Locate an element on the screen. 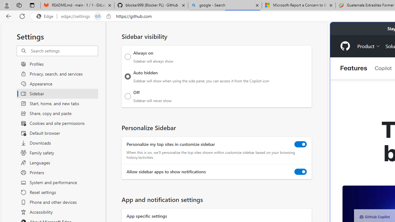 Image resolution: width=395 pixels, height=222 pixels. 'Personalize my top sites in customize sidebar' is located at coordinates (301, 144).